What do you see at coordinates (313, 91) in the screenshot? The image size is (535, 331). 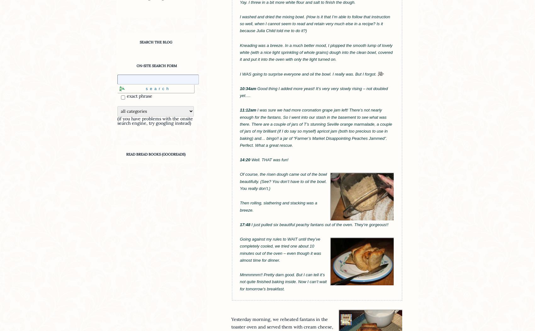 I see `'Good thing I added more yeast! It’s very very slowly rising – not doubled yet….'` at bounding box center [313, 91].